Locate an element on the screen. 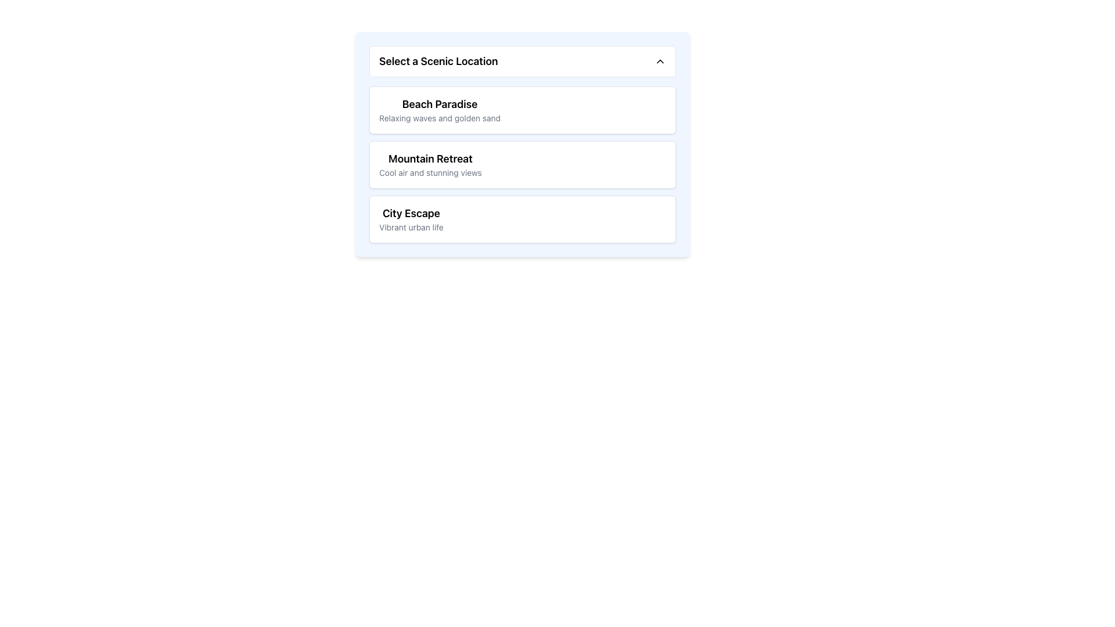 Image resolution: width=1115 pixels, height=627 pixels. the first Option Card titled 'Beach Paradise' in the list labeled 'Select a Scenic Location.' is located at coordinates (522, 110).